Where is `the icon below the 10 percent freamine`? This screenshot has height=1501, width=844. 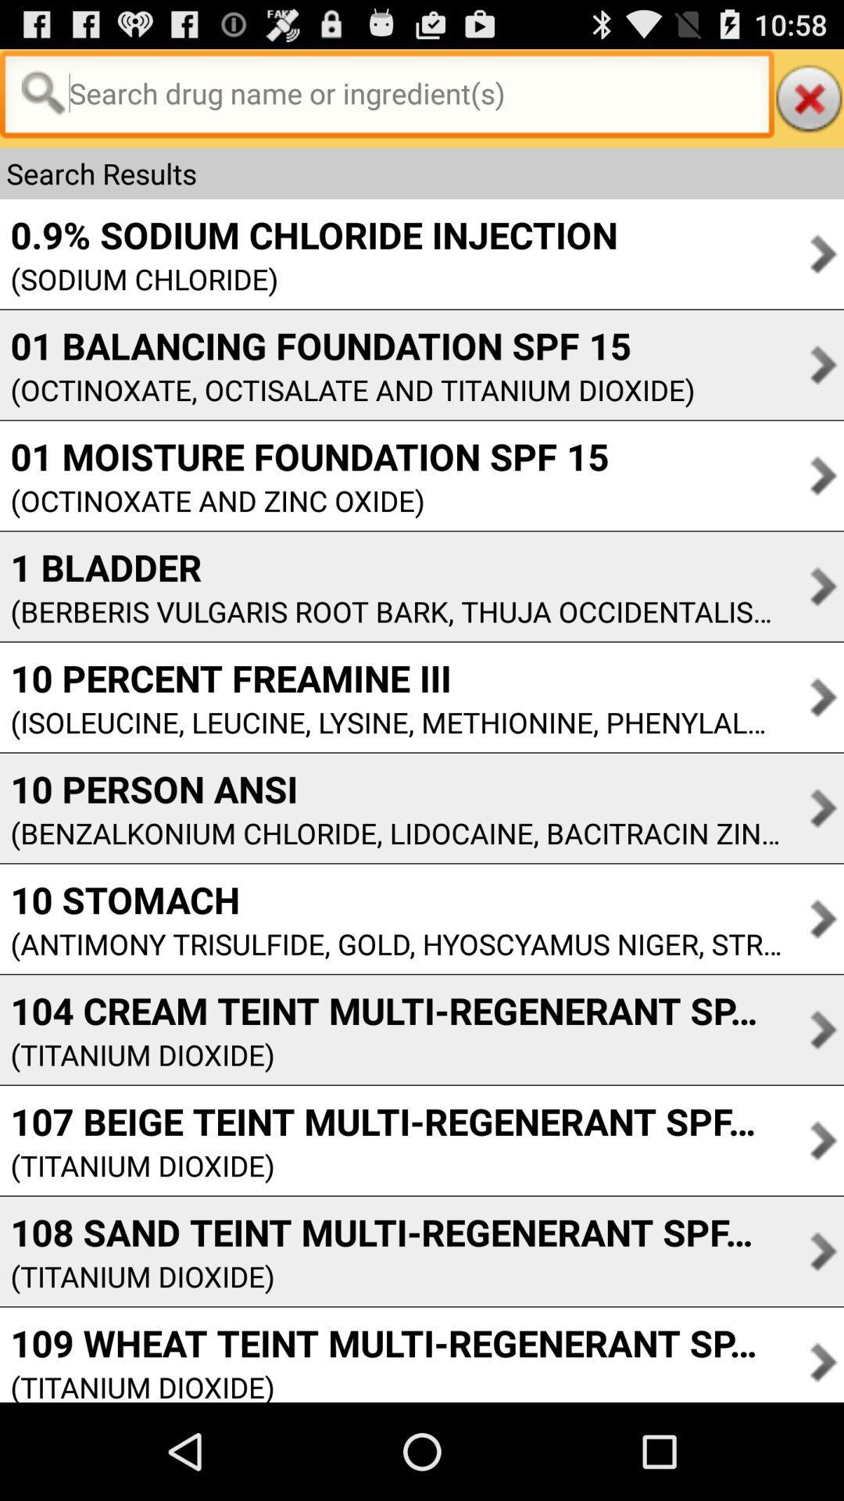 the icon below the 10 percent freamine is located at coordinates (390, 722).